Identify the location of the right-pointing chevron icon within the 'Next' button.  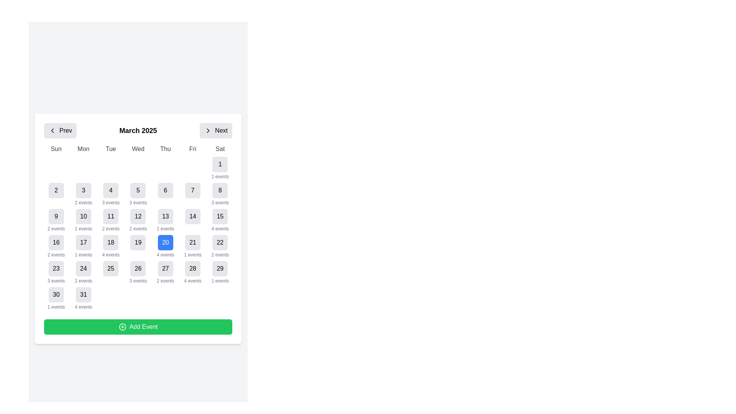
(208, 130).